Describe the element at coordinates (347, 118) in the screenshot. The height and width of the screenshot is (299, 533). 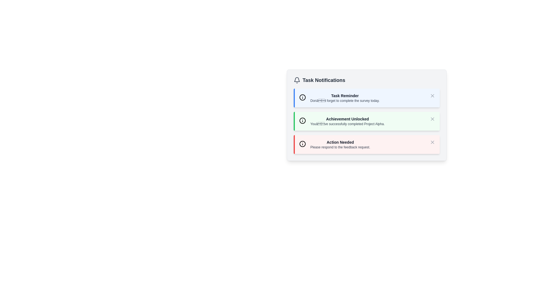
I see `the text label at the top of the second notification item in the notification panel, which indicates the type of notification received` at that location.